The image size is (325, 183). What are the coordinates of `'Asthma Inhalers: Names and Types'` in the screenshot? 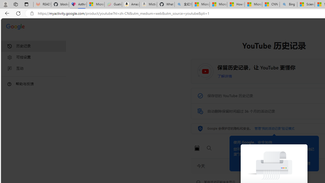 It's located at (77, 4).